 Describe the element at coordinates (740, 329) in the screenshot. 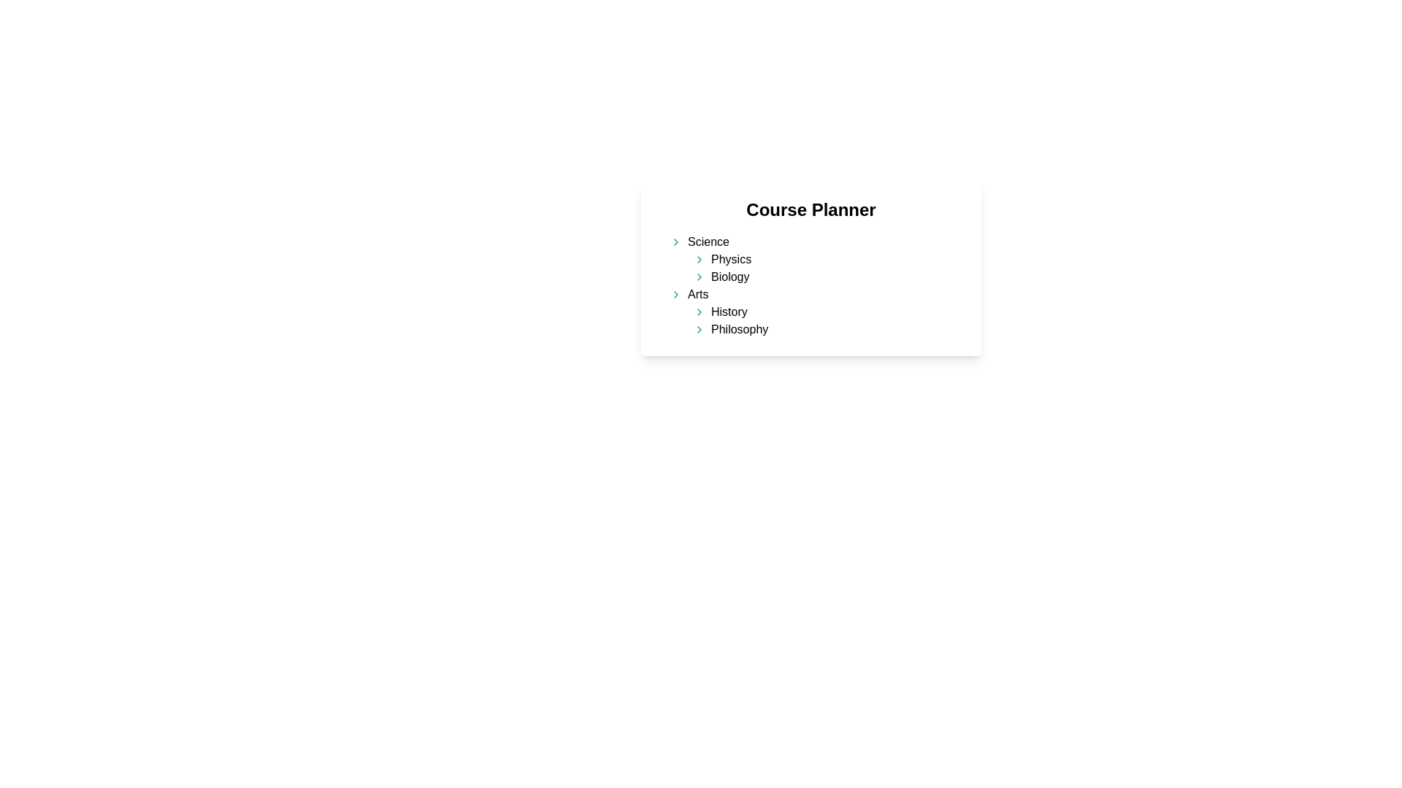

I see `the 'Philosophy' text label, which indicates its presence in the 'Arts' section, located underneath the 'History' sub-category, and is aligned horizontally next to a green arrow icon` at that location.